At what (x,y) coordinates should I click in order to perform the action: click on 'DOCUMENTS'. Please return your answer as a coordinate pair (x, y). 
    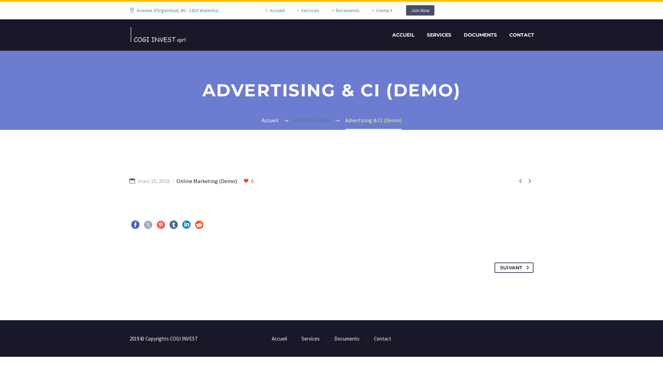
    Looking at the image, I should click on (480, 35).